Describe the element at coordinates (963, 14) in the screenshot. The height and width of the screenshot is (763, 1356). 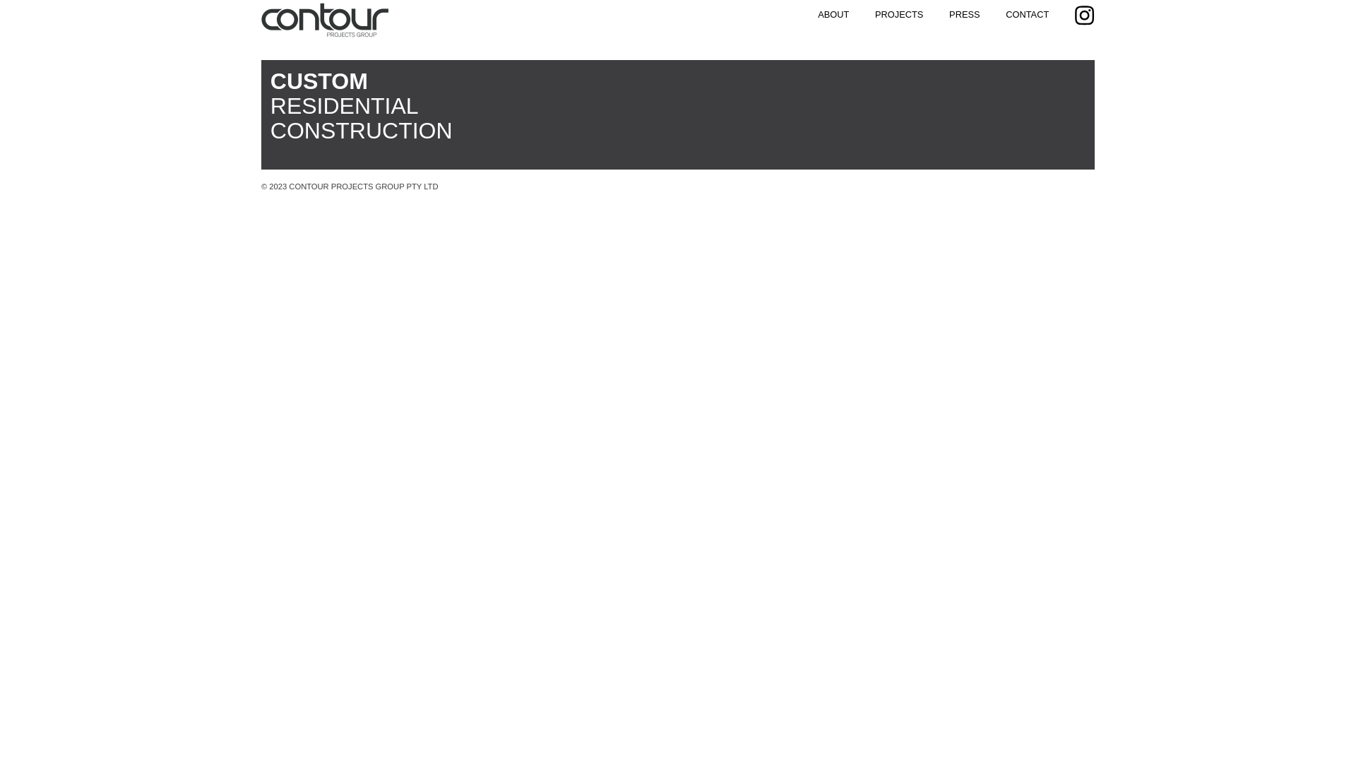
I see `'PRESS'` at that location.